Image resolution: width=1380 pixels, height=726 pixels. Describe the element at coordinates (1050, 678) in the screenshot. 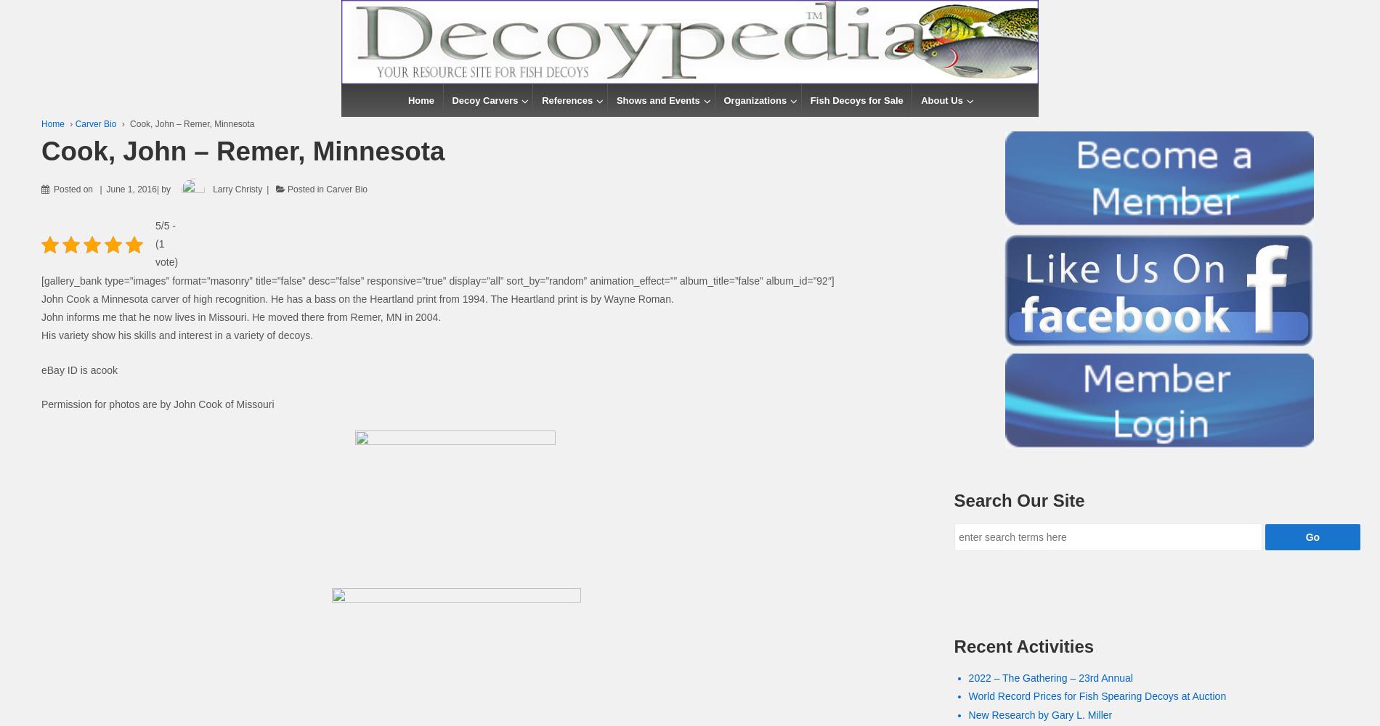

I see `'2022 – The Gathering – 23rd Annual'` at that location.